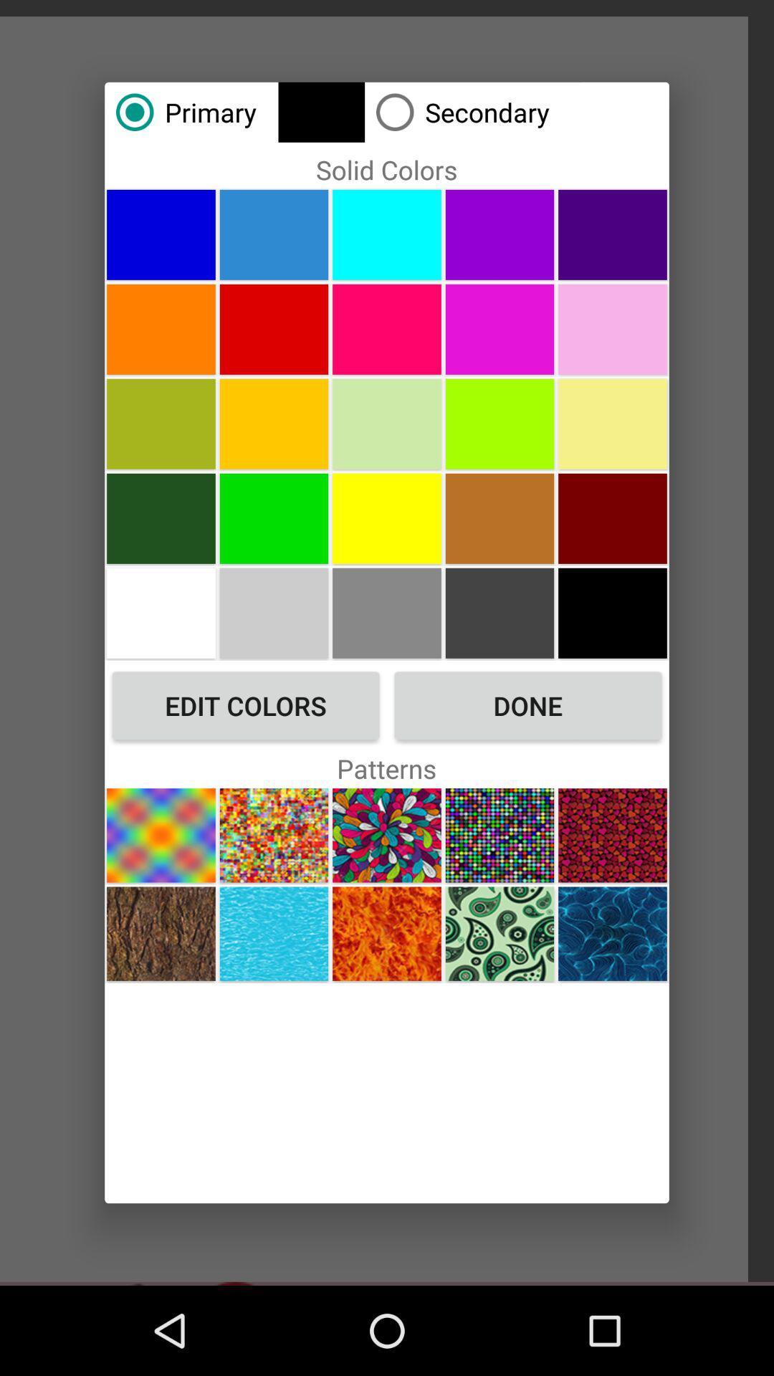  I want to click on choose solid color, so click(387, 234).